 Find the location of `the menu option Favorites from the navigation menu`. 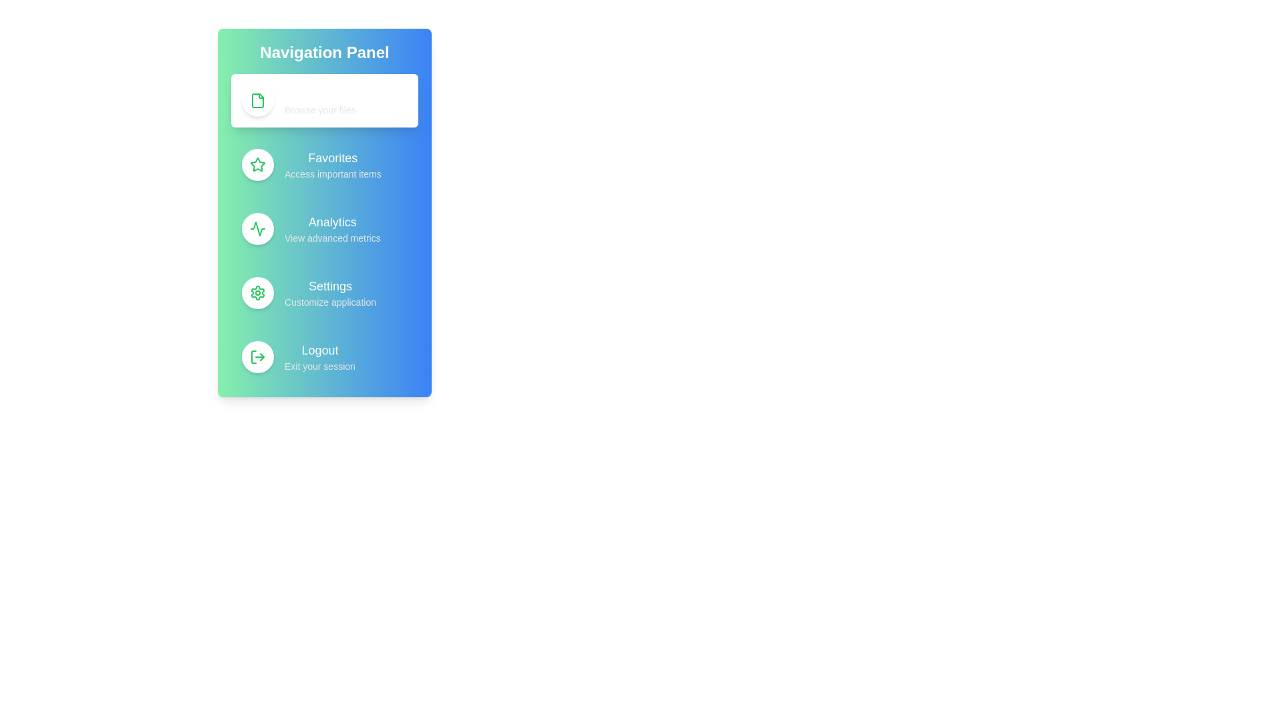

the menu option Favorites from the navigation menu is located at coordinates (324, 164).